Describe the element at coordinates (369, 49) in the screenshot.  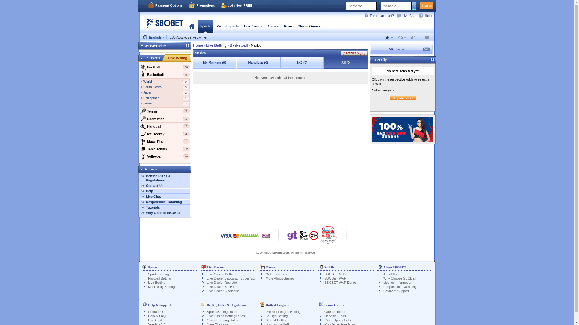
I see `'Mix Parlay` at that location.